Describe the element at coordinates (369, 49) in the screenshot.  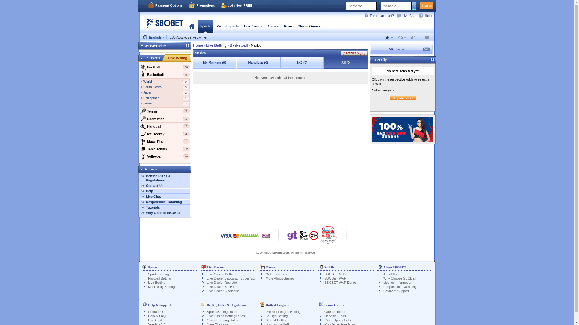
I see `'Mix Parlay` at that location.